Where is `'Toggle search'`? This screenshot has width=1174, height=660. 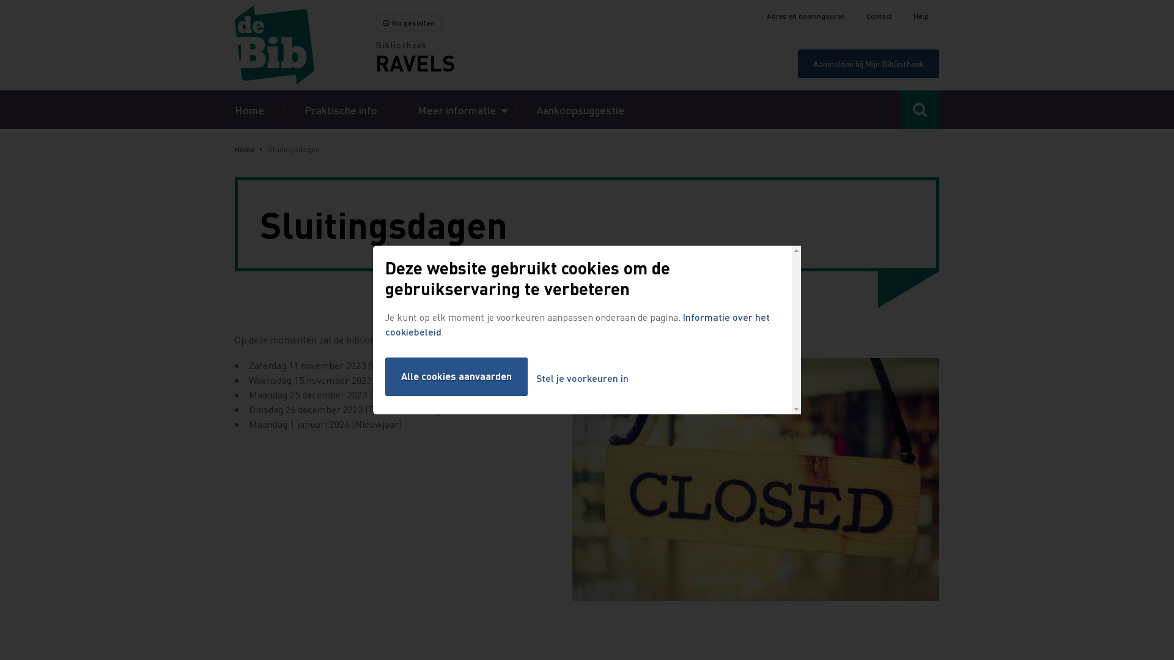
'Toggle search' is located at coordinates (920, 109).